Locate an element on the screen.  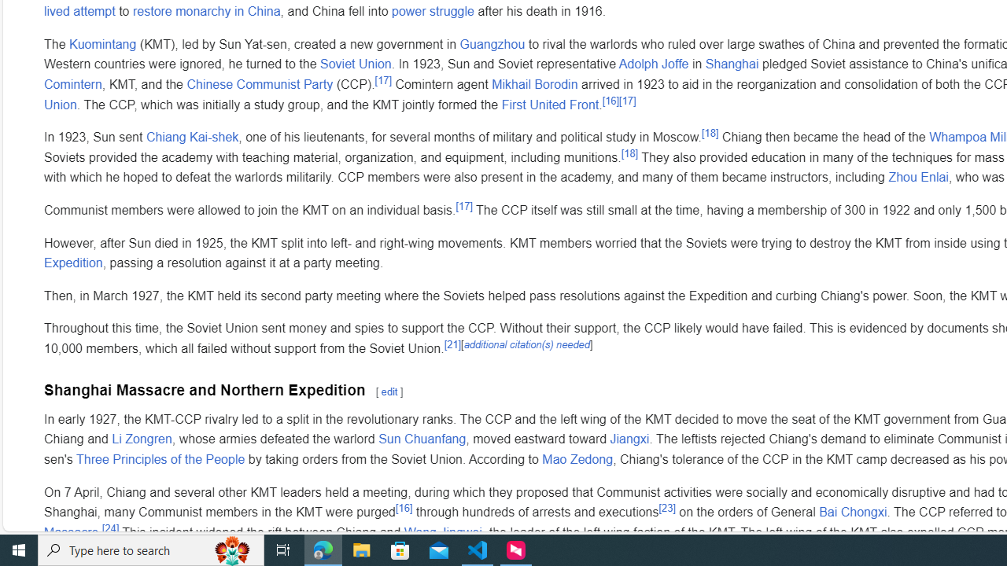
'Zhou Enlai' is located at coordinates (918, 177).